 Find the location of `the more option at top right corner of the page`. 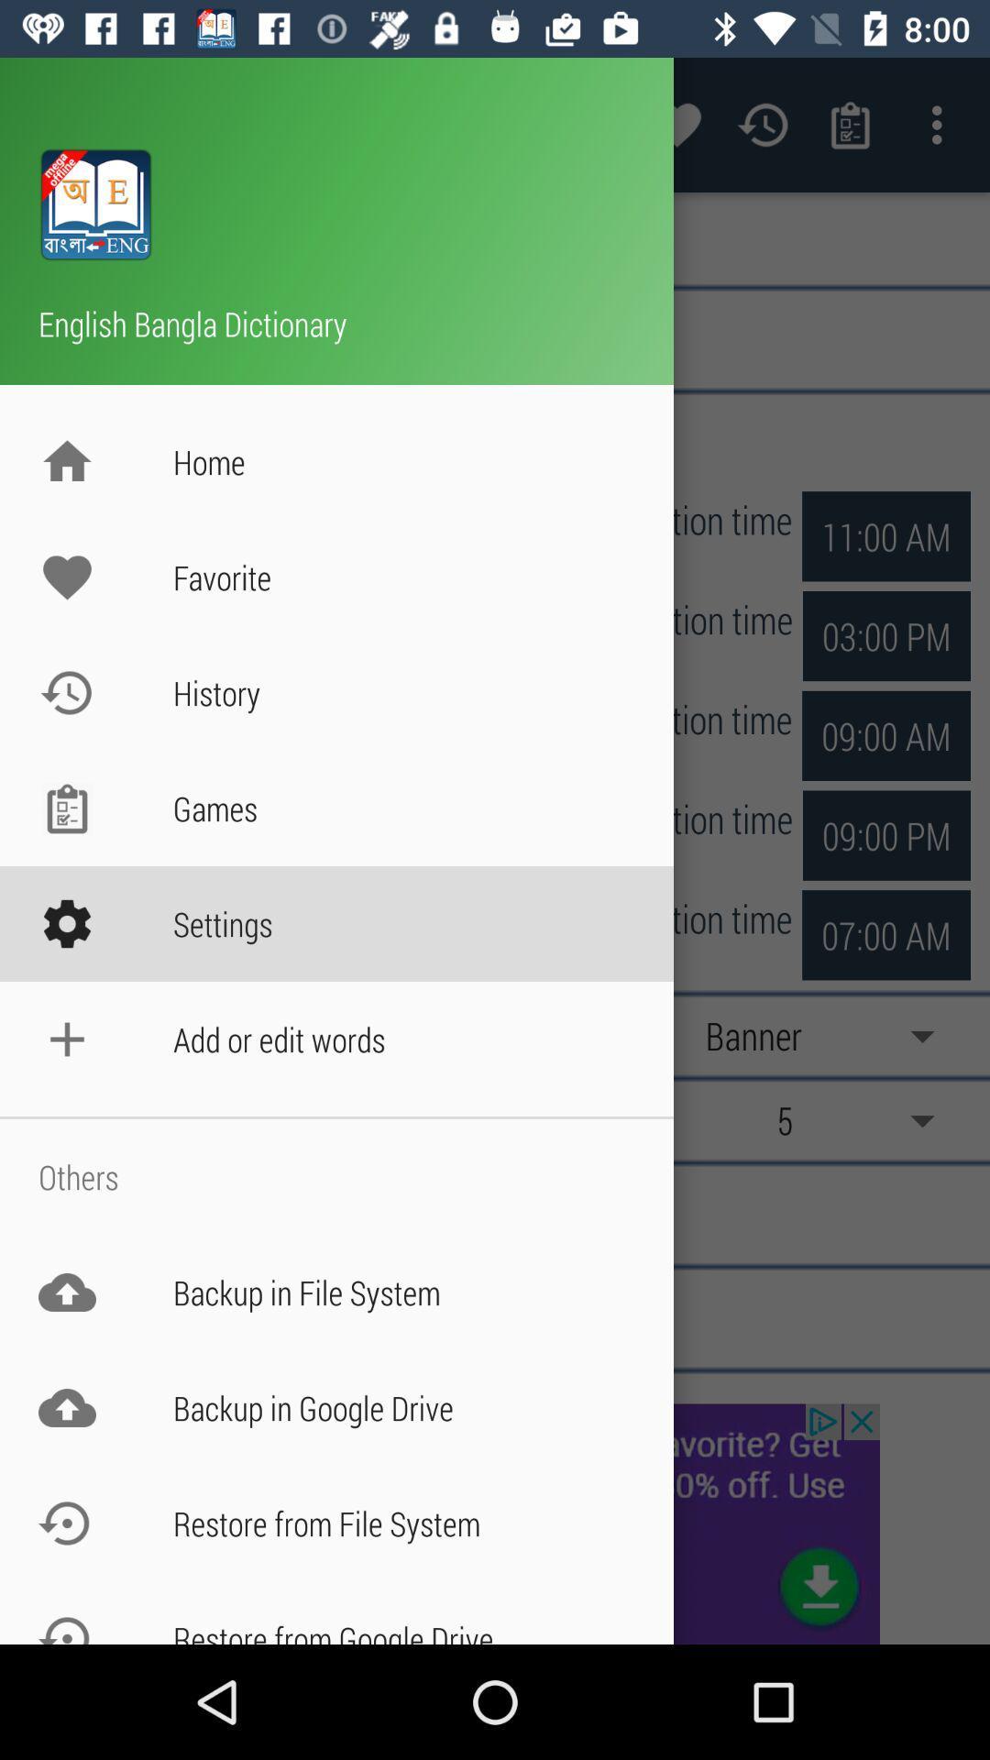

the more option at top right corner of the page is located at coordinates (941, 125).